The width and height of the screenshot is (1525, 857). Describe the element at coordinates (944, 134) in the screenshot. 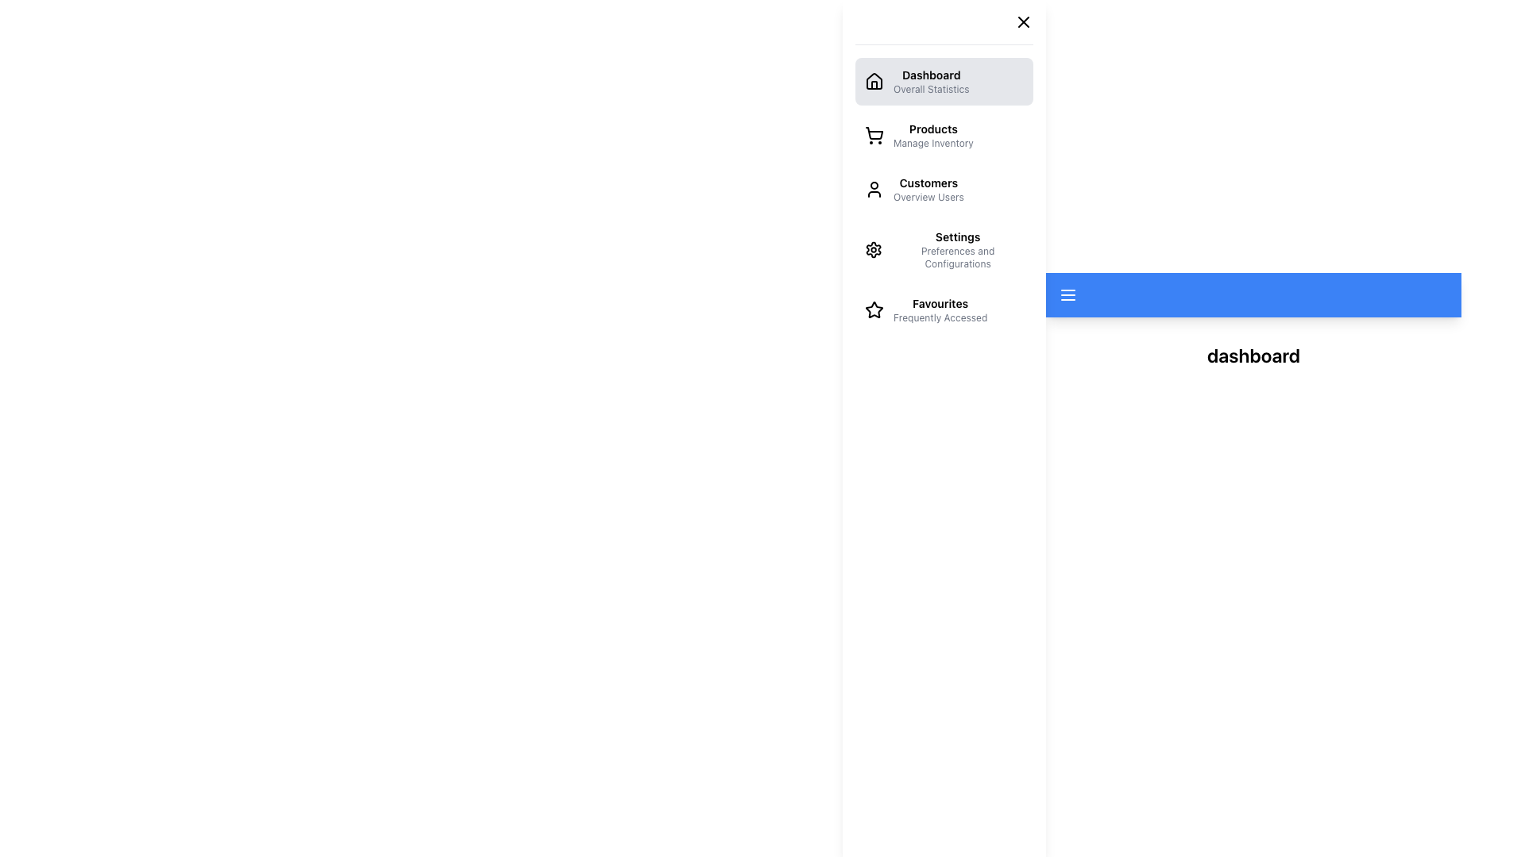

I see `the second navigation menu item with a shopping cart icon and text 'Products' and 'Manage Inventory'` at that location.